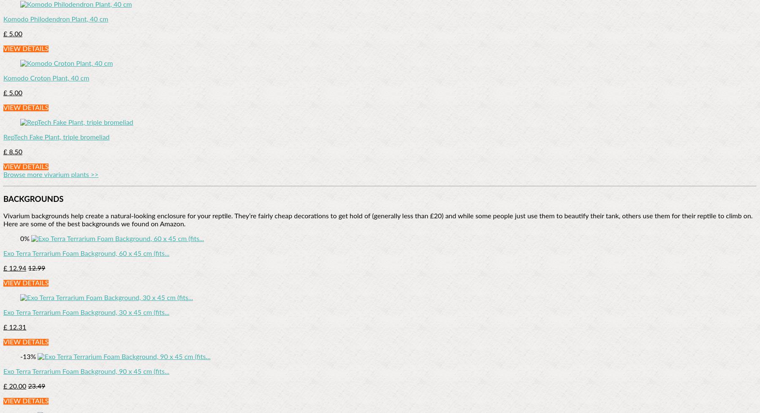 This screenshot has height=413, width=760. Describe the element at coordinates (46, 78) in the screenshot. I see `'Komodo Croton Plant, 40 cm'` at that location.